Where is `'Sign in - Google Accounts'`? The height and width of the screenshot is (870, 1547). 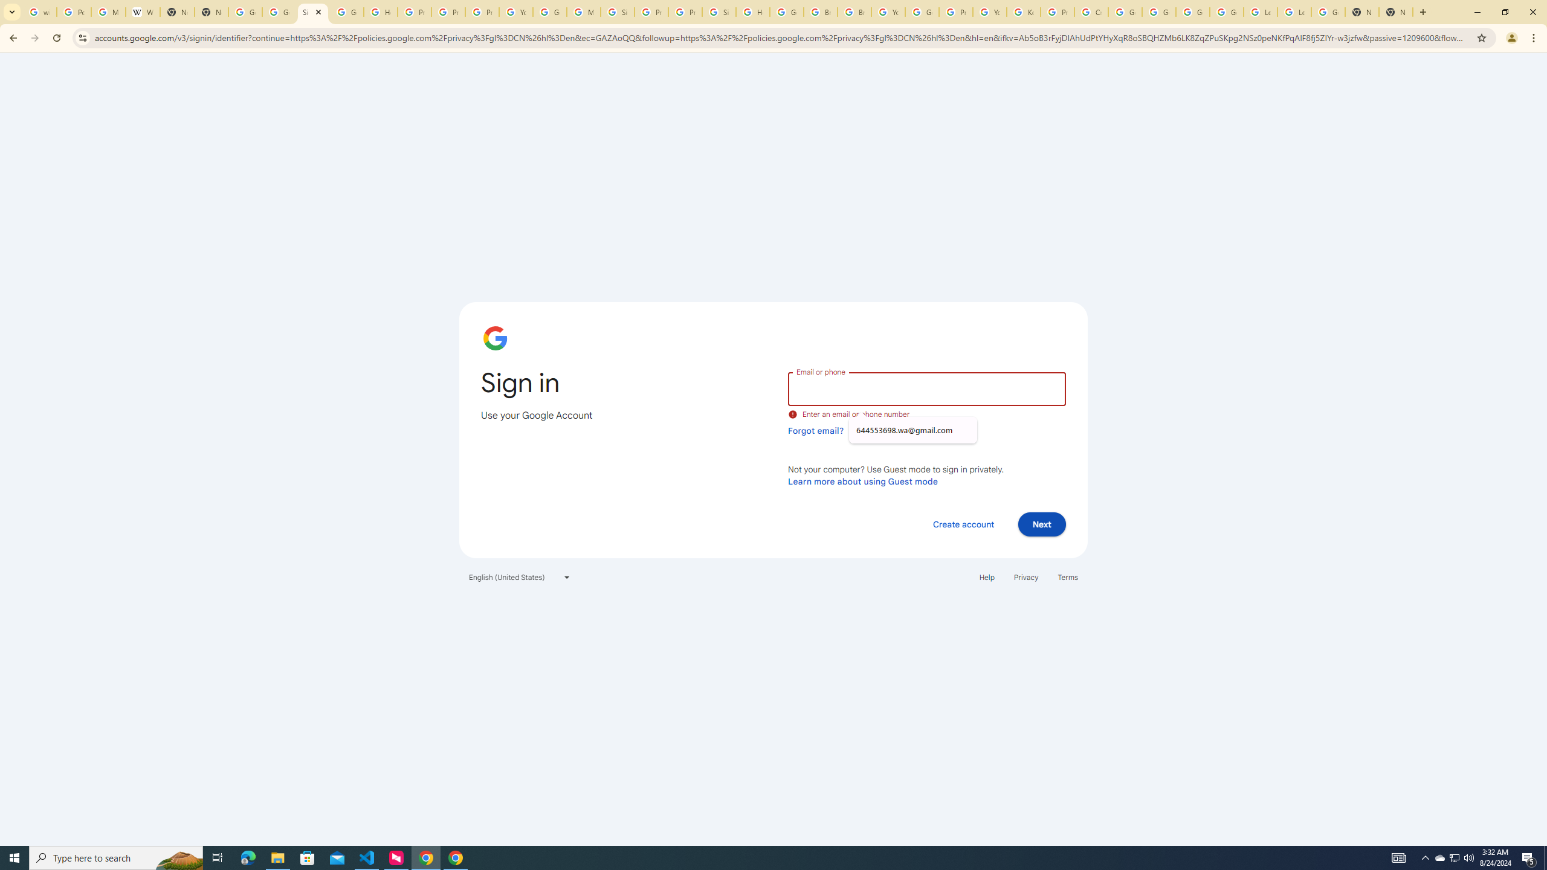 'Sign in - Google Accounts' is located at coordinates (312, 11).